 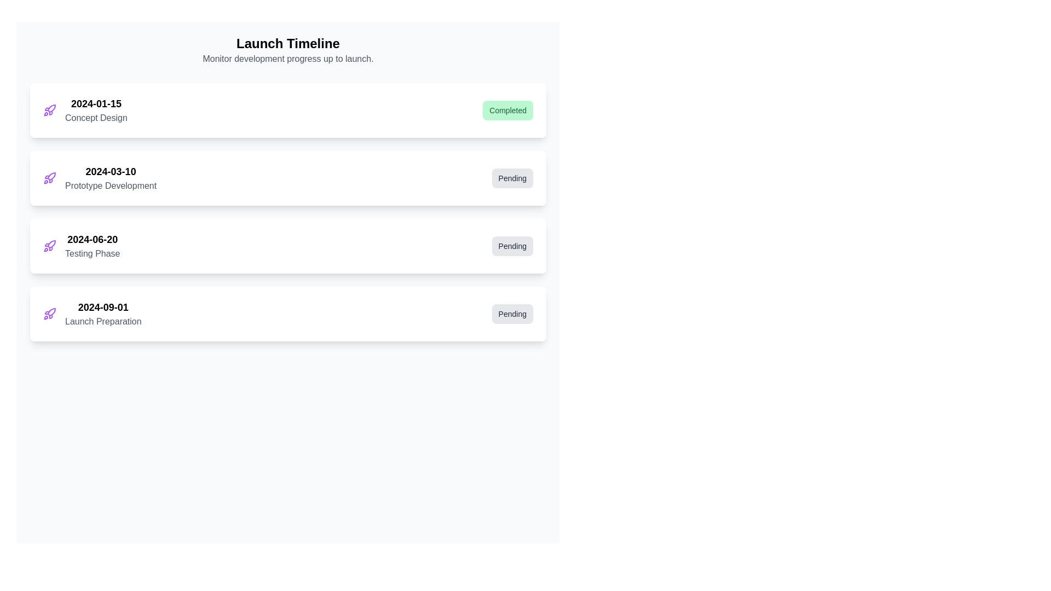 I want to click on the small purple rocket icon that is styled in modern line art design, positioned to the left of the date '2024-01-15', so click(x=49, y=110).